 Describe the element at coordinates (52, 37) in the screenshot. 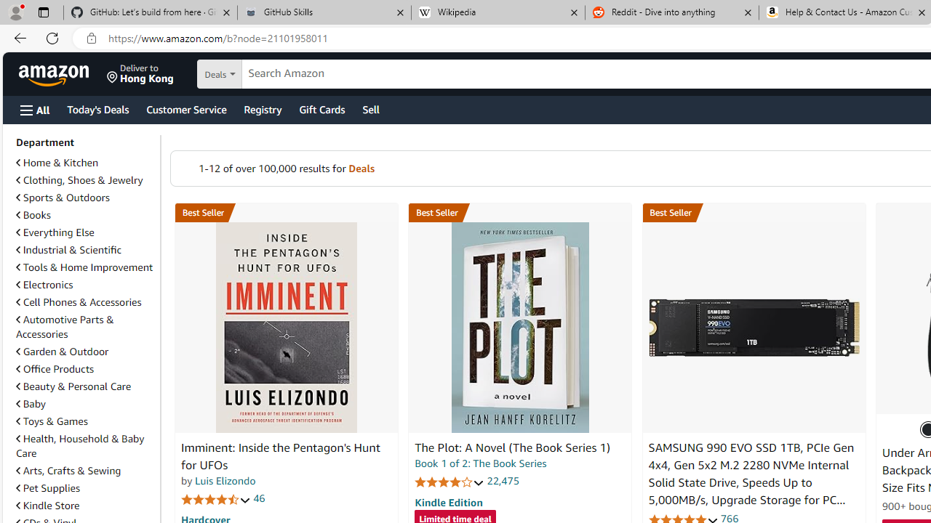

I see `'Refresh'` at that location.